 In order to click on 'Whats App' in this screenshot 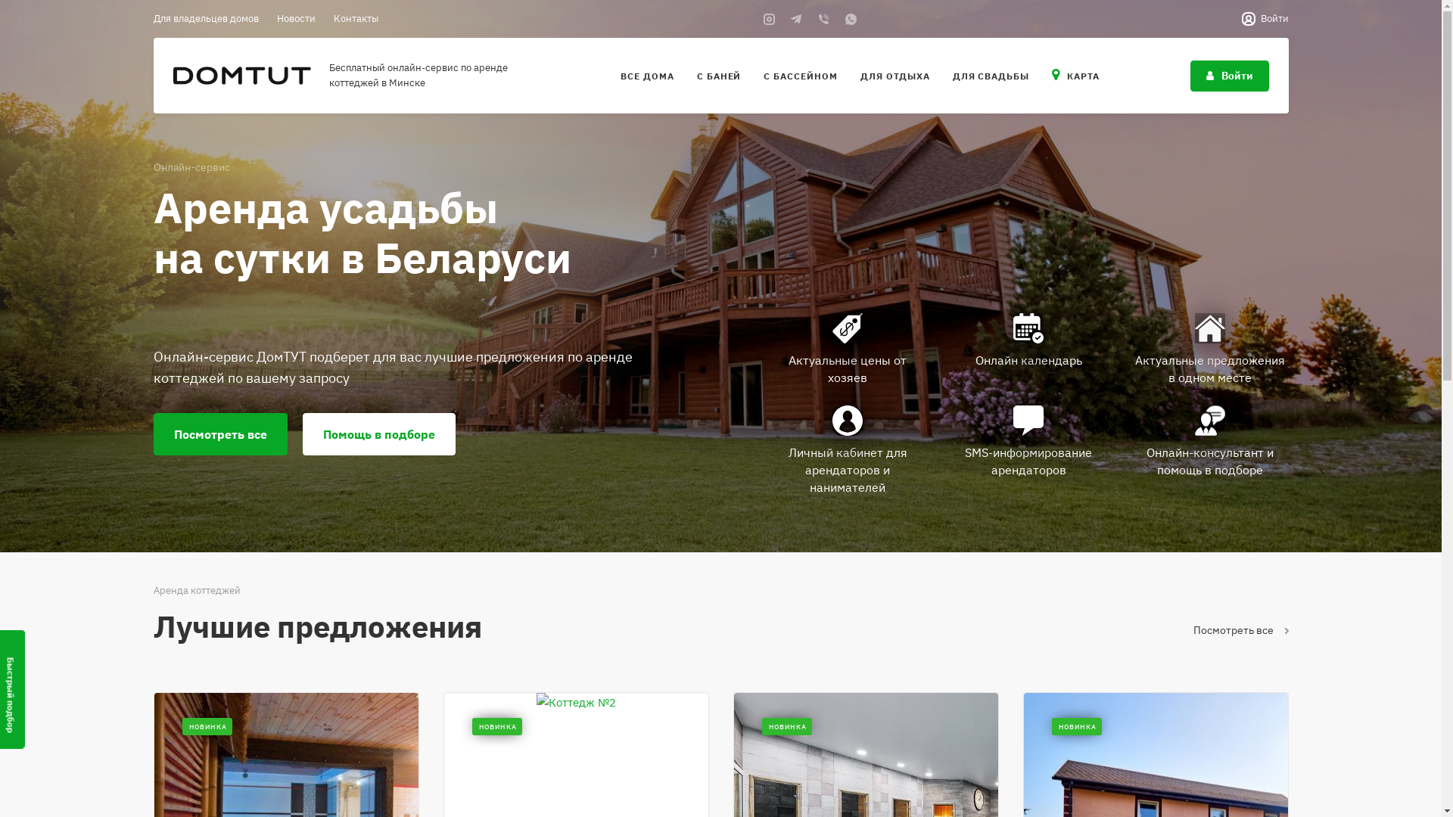, I will do `click(842, 18)`.